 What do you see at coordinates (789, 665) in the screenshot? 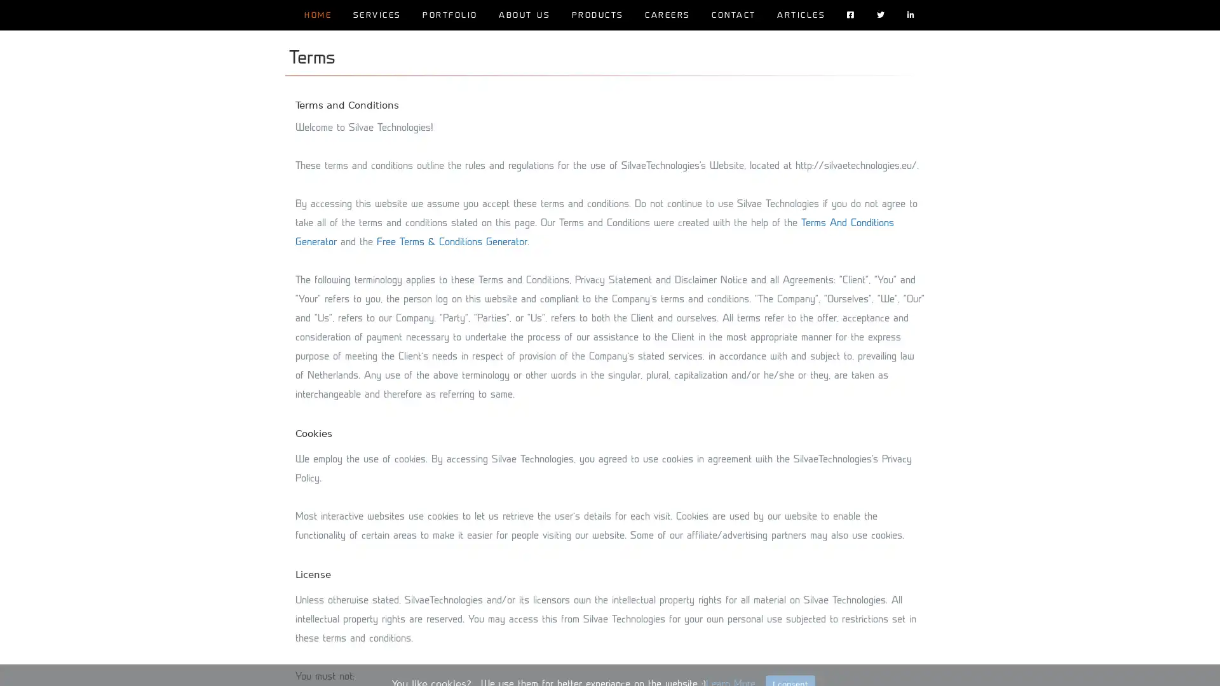
I see `Close` at bounding box center [789, 665].